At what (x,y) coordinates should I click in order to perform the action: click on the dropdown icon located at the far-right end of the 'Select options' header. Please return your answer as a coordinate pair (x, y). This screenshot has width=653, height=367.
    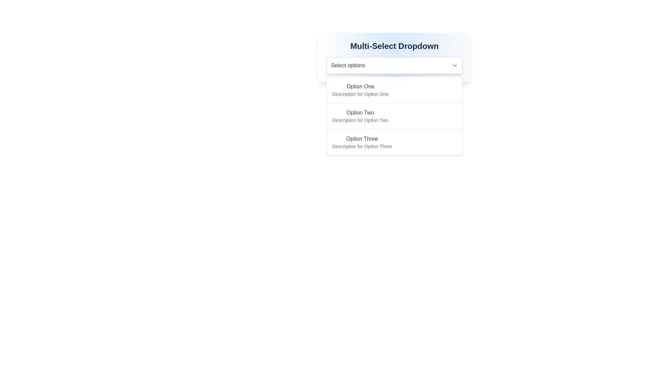
    Looking at the image, I should click on (455, 65).